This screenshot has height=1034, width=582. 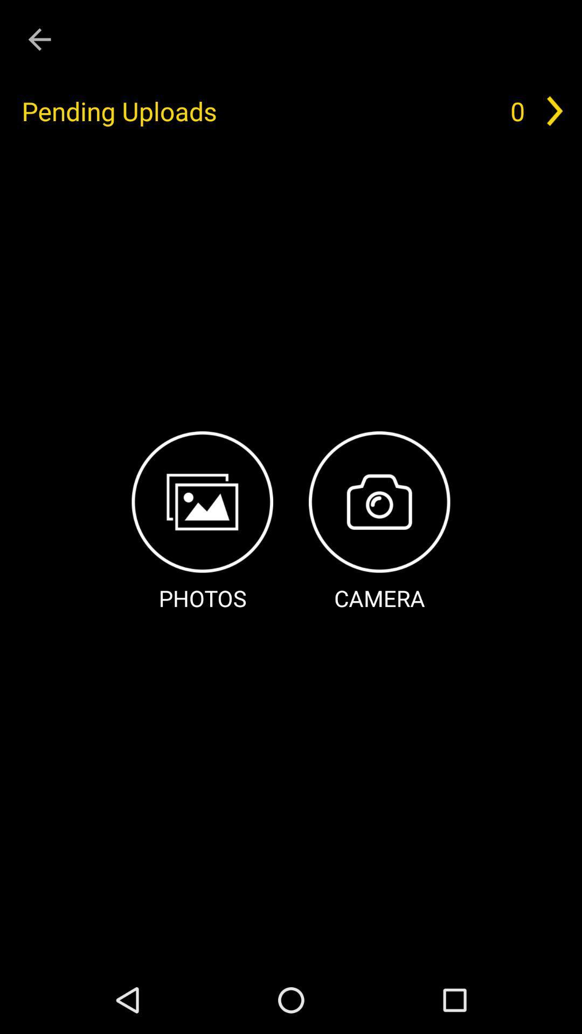 I want to click on icon next to camera, so click(x=202, y=522).